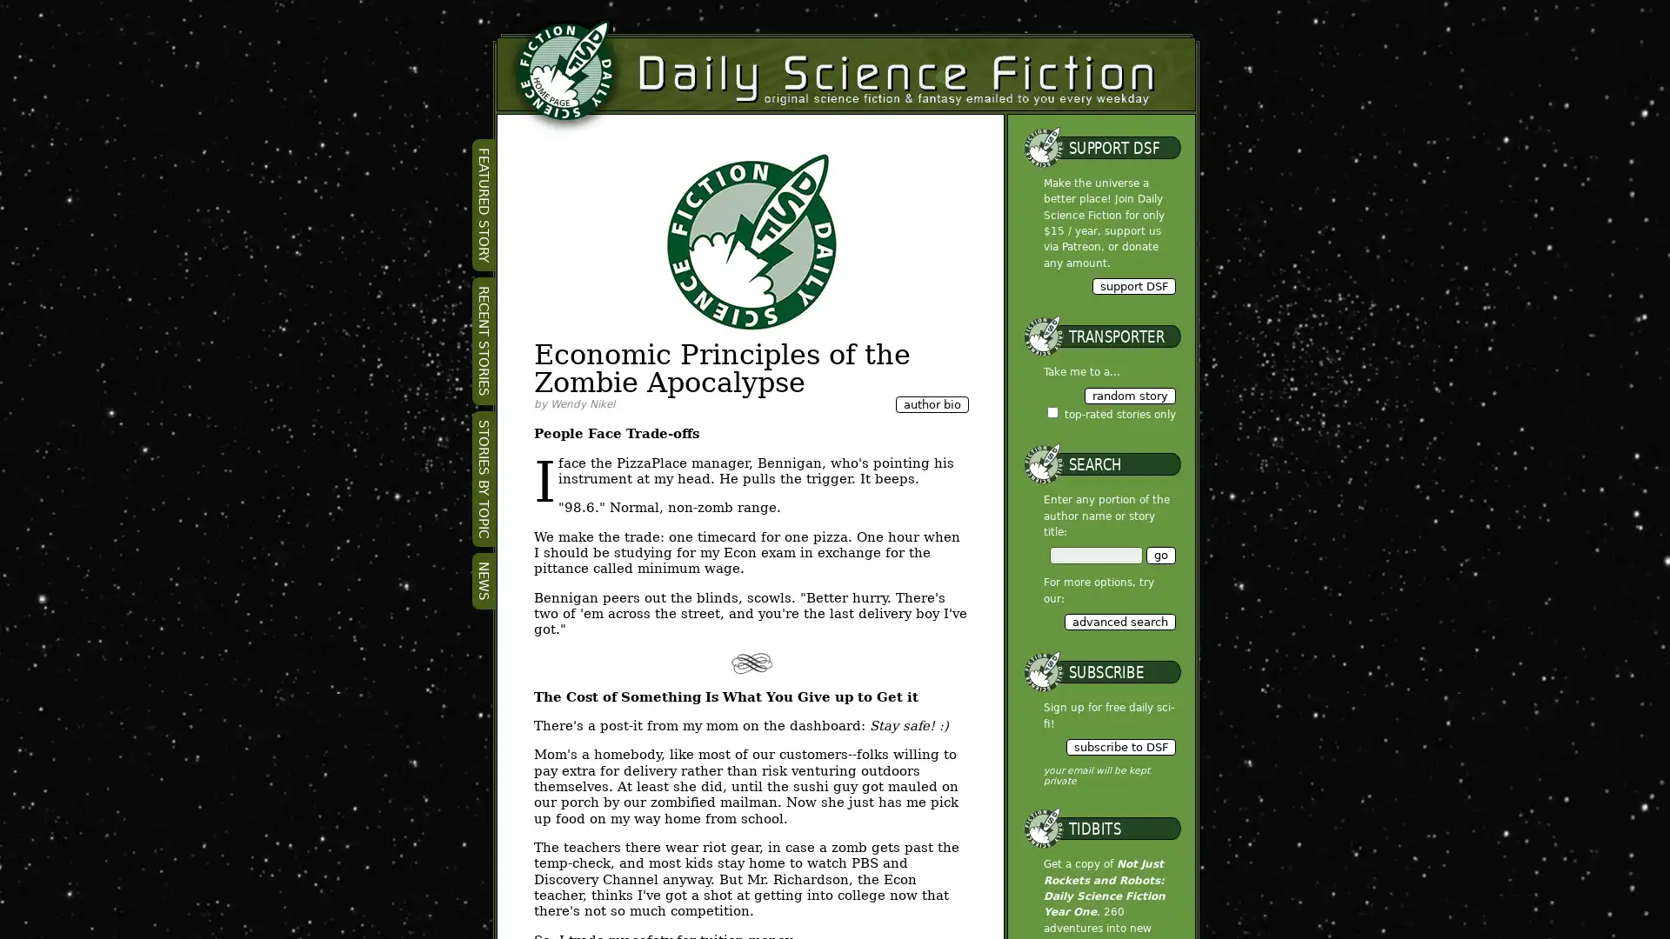 This screenshot has height=939, width=1670. Describe the element at coordinates (1119, 620) in the screenshot. I see `advanced search` at that location.